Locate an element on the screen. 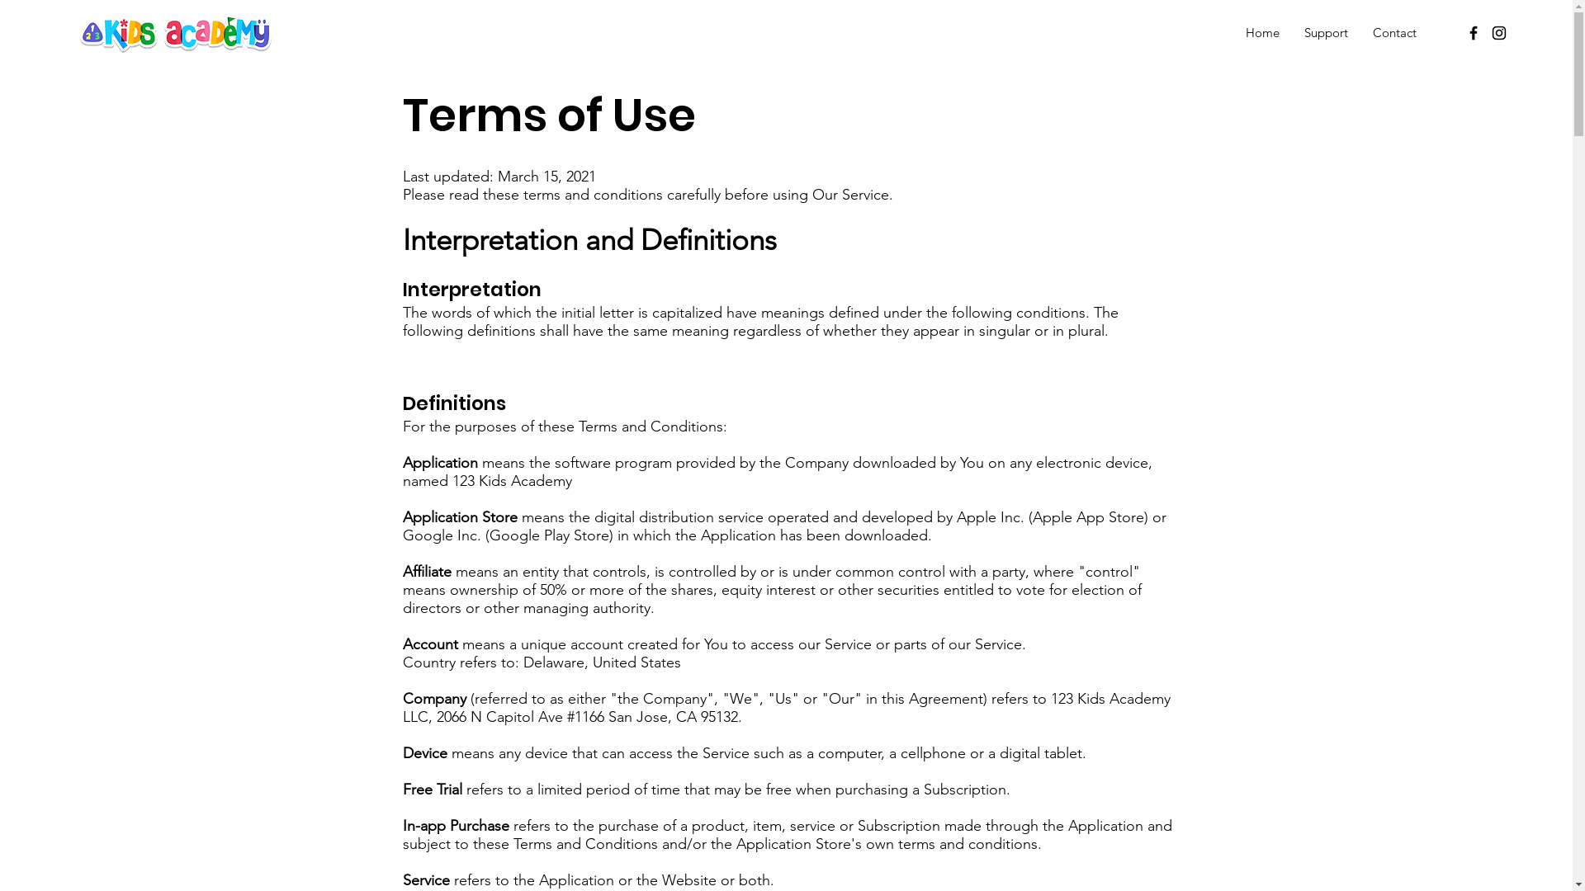  'Support' is located at coordinates (1326, 32).